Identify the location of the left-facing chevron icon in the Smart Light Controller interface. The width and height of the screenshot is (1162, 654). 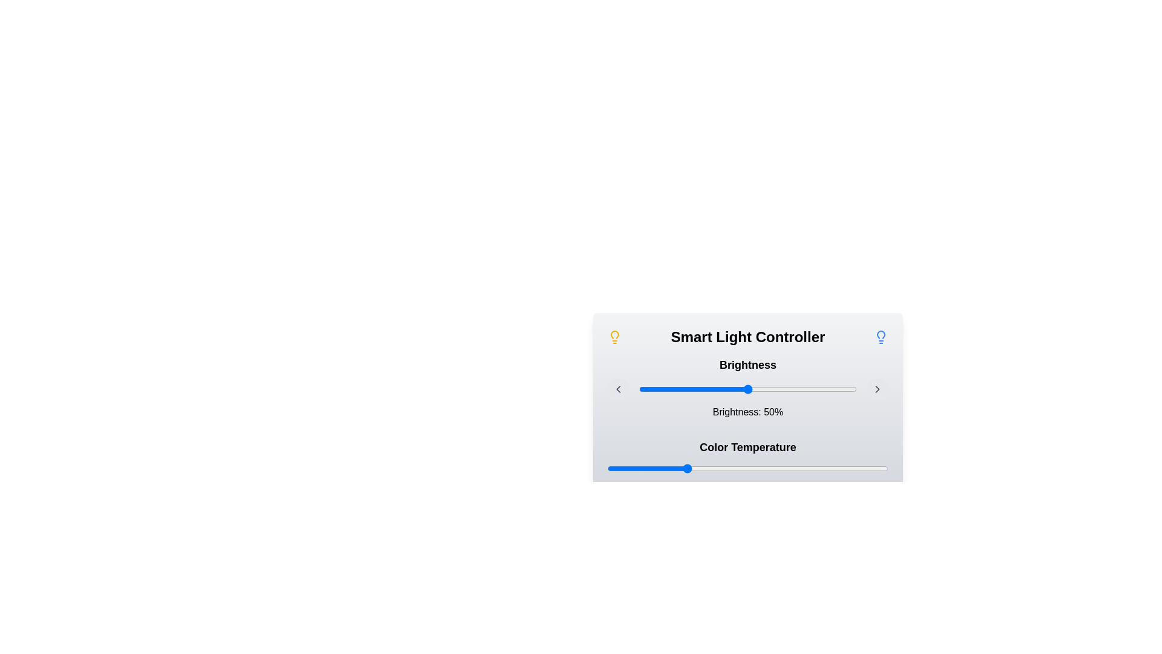
(619, 389).